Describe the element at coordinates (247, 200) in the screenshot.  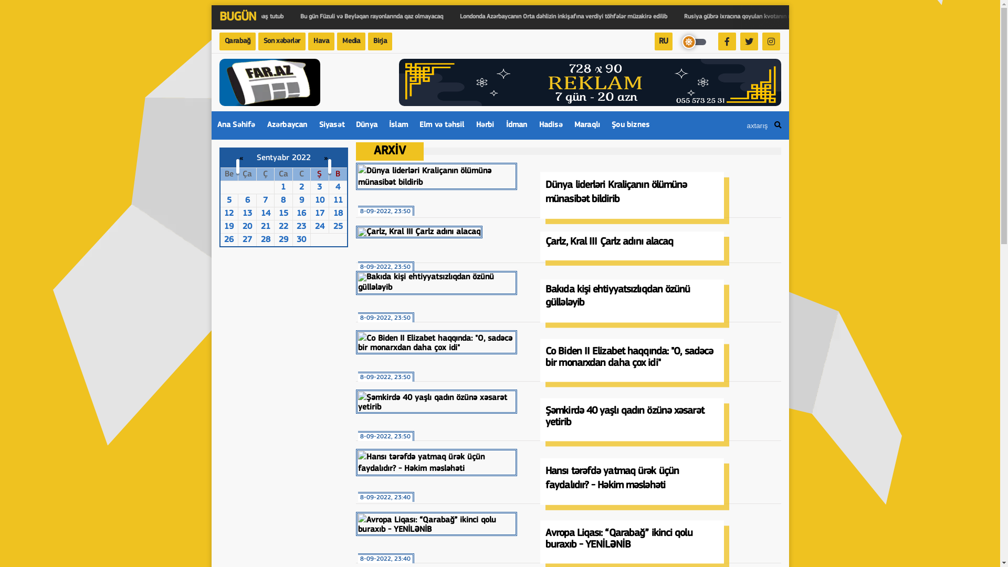
I see `'6'` at that location.